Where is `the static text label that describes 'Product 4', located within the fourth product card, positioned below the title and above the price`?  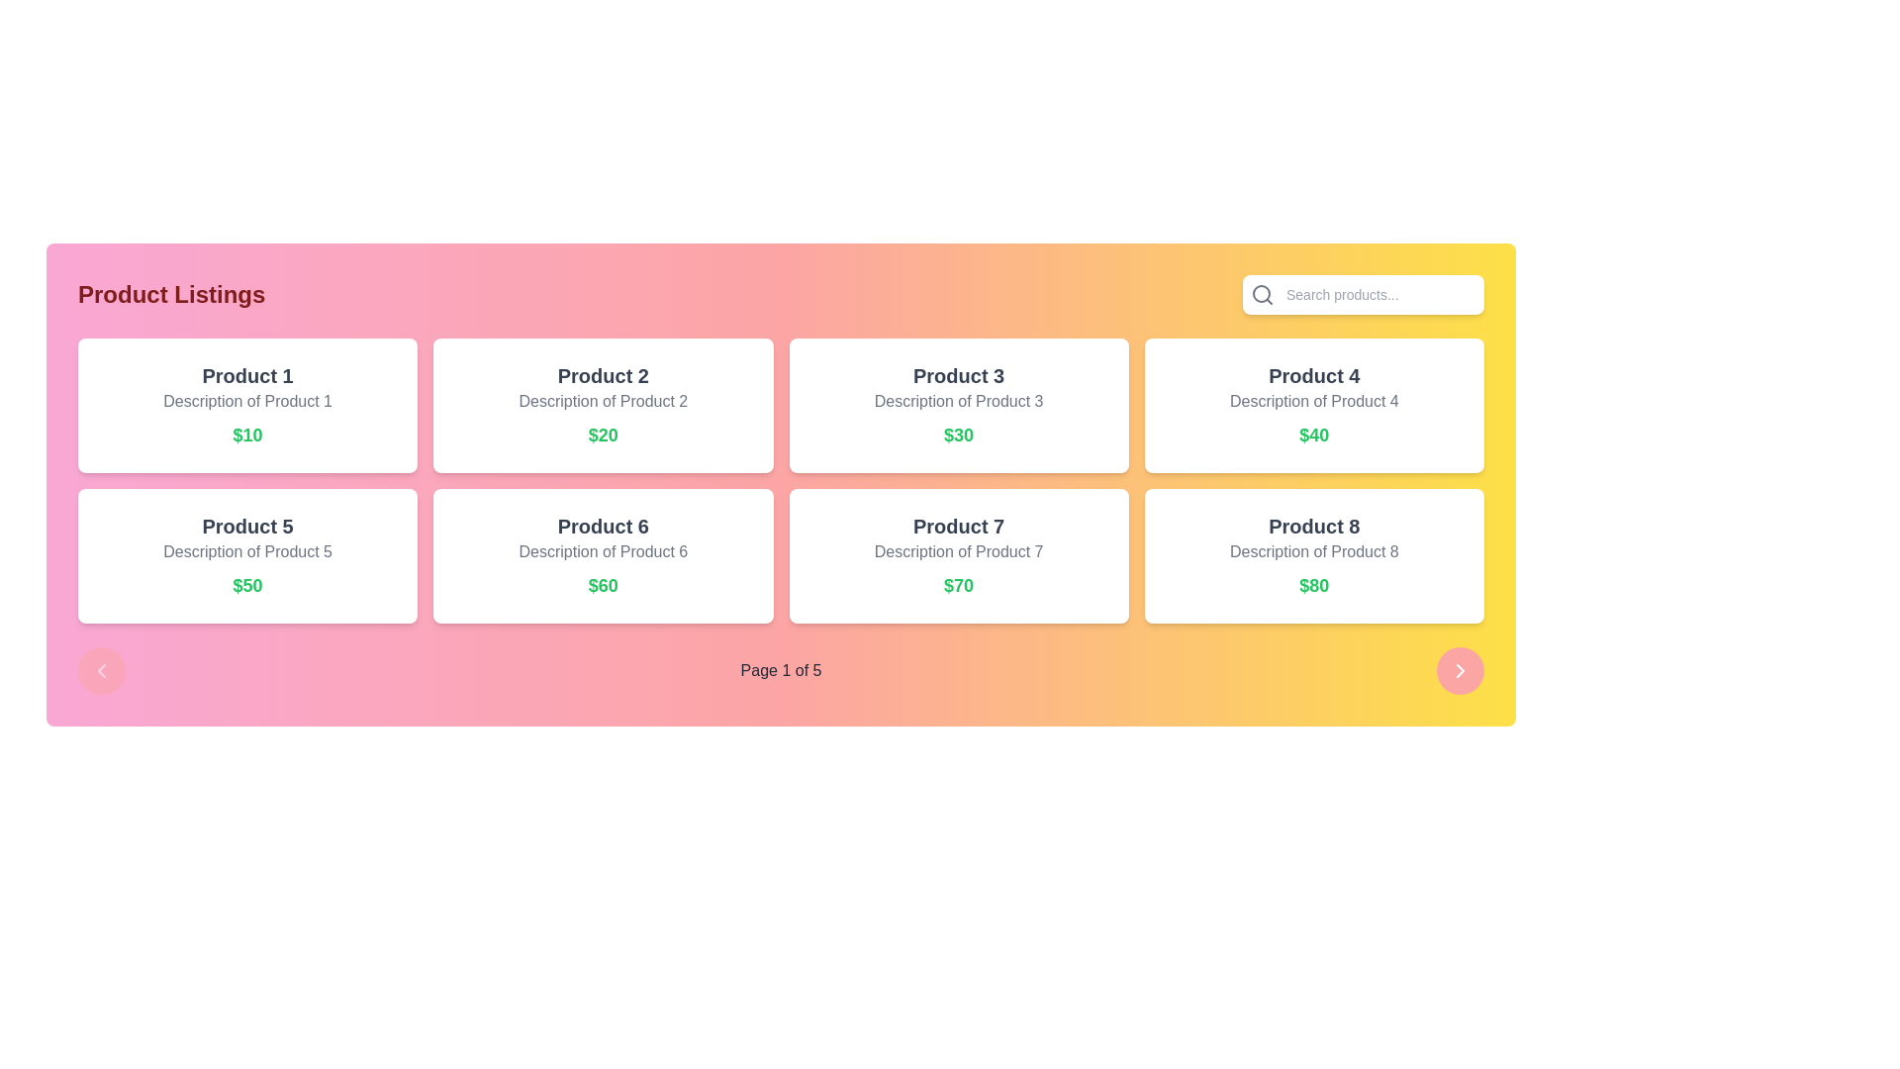
the static text label that describes 'Product 4', located within the fourth product card, positioned below the title and above the price is located at coordinates (1314, 401).